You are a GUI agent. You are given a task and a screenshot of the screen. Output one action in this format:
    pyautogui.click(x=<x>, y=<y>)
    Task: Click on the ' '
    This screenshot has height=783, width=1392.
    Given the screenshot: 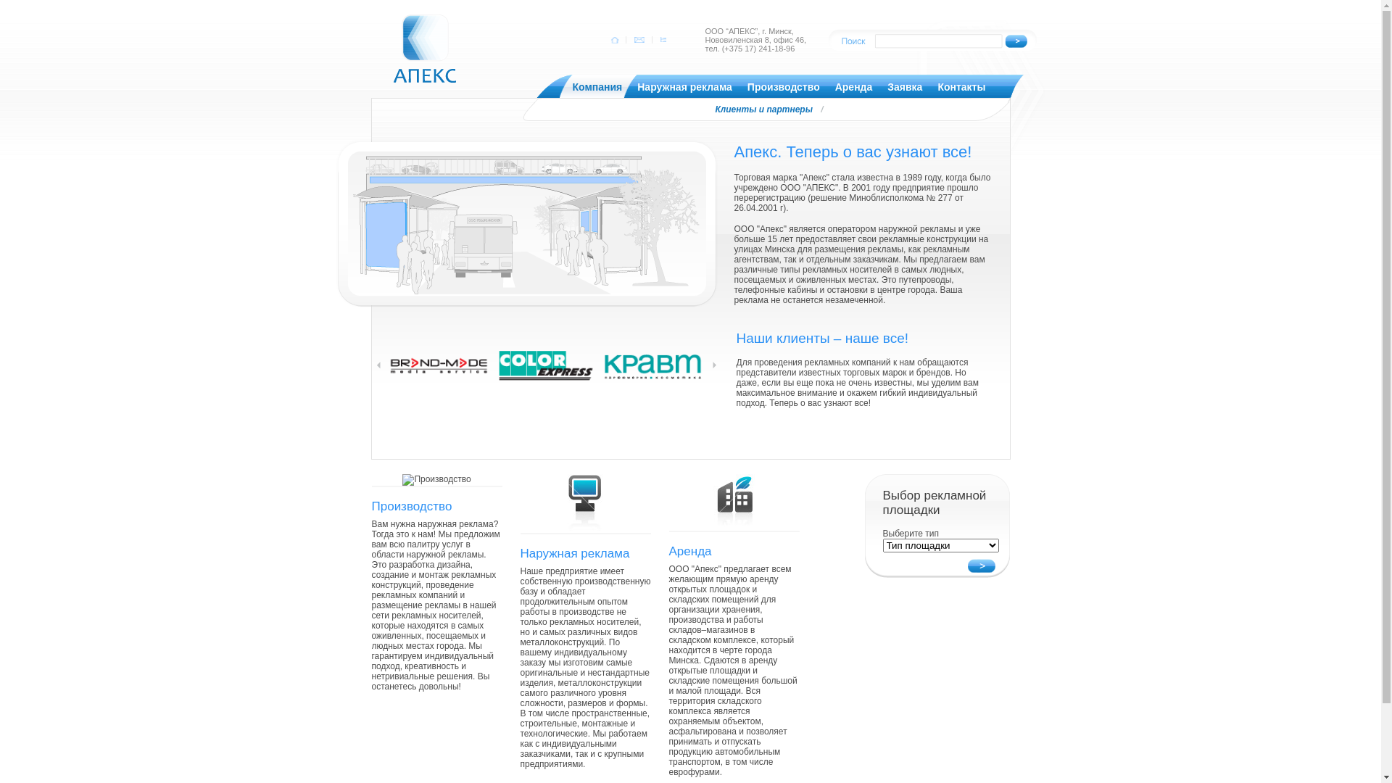 What is the action you would take?
    pyautogui.click(x=615, y=38)
    